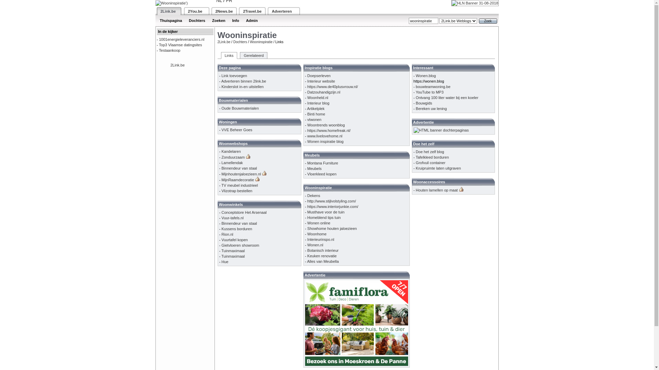  What do you see at coordinates (436, 190) in the screenshot?
I see `'Houten lamellen op maat'` at bounding box center [436, 190].